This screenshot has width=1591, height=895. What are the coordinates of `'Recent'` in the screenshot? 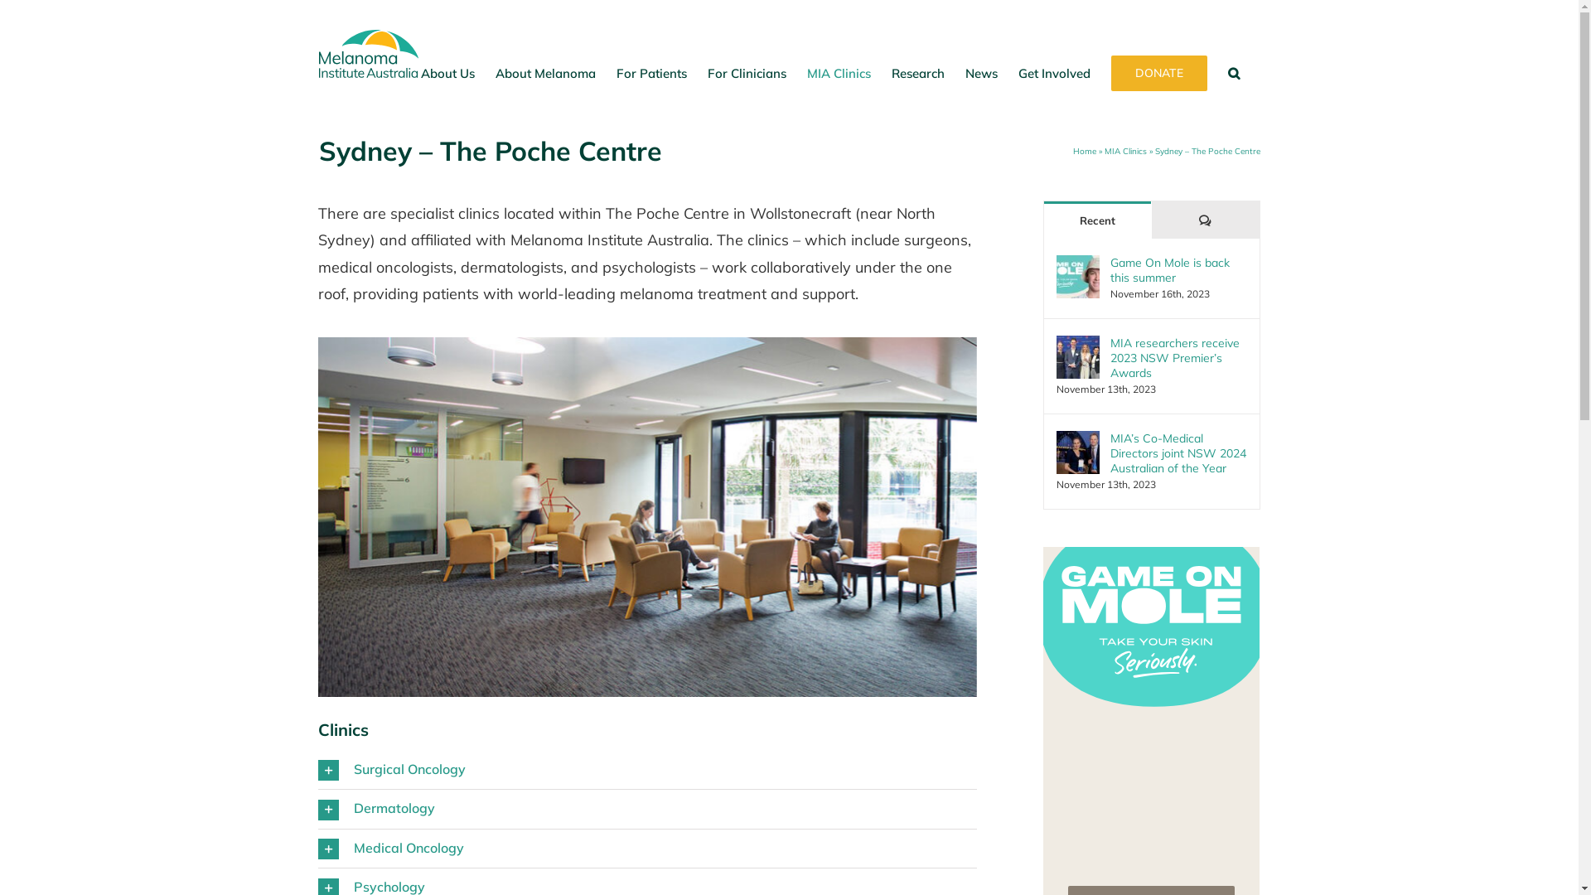 It's located at (1097, 219).